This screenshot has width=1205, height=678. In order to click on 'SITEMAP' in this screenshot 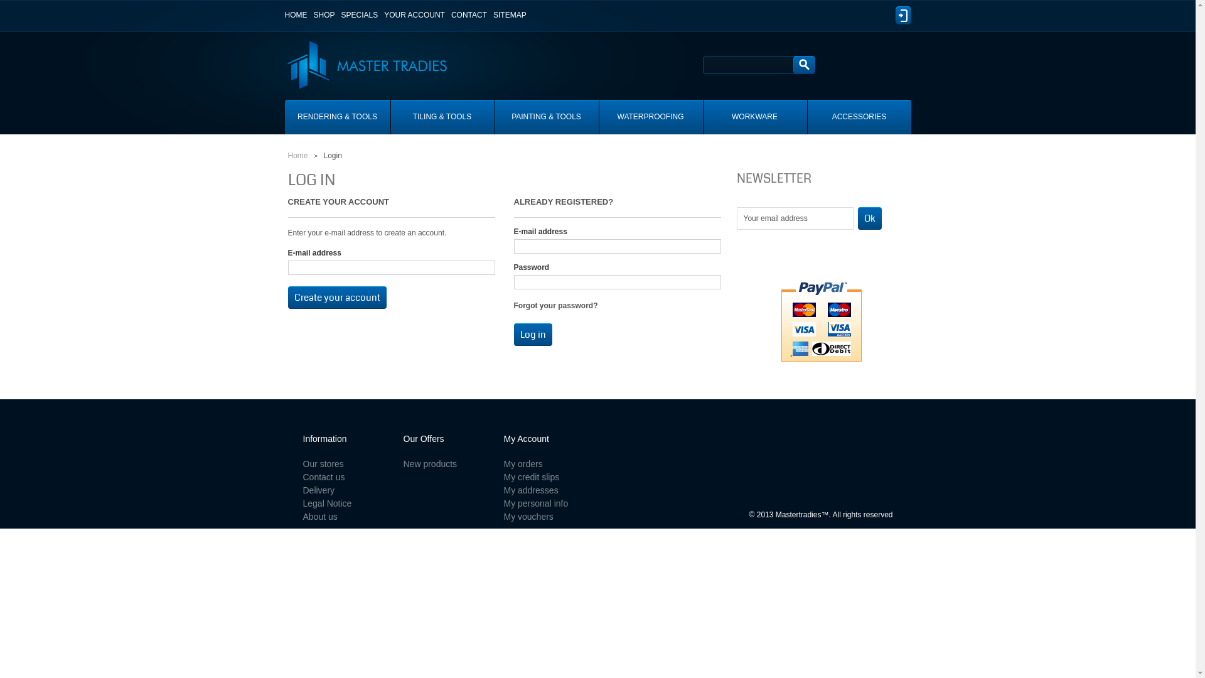, I will do `click(493, 14)`.